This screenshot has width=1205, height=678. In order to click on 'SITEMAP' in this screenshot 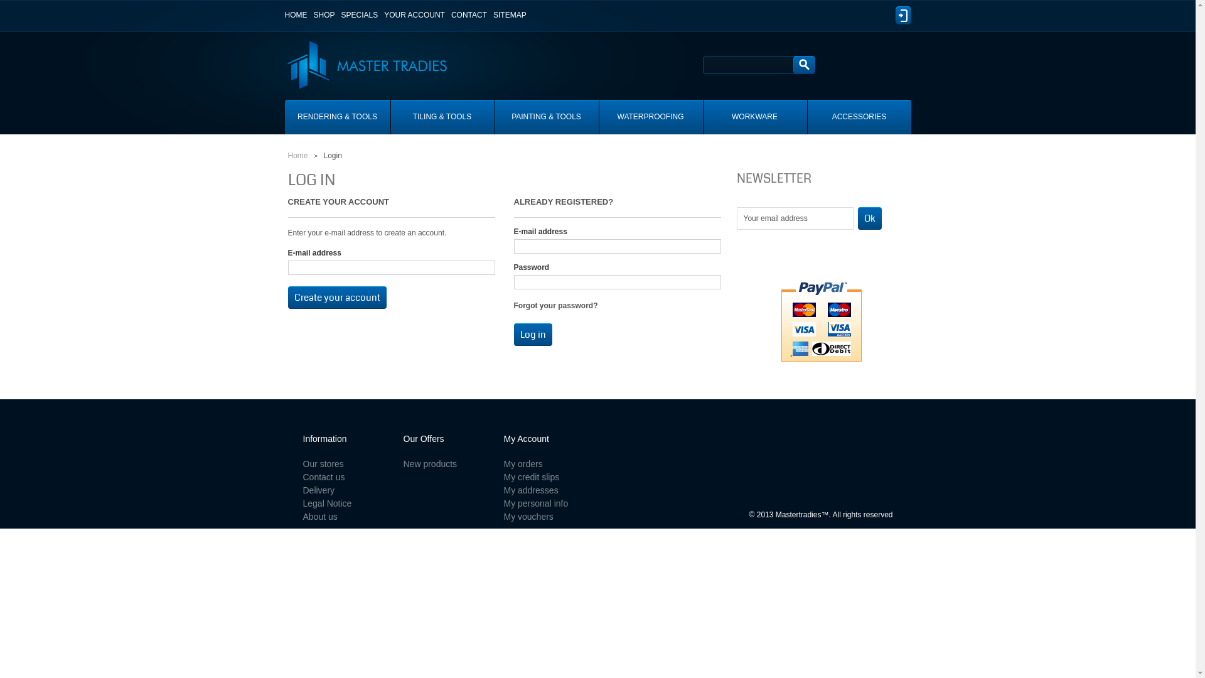, I will do `click(493, 14)`.